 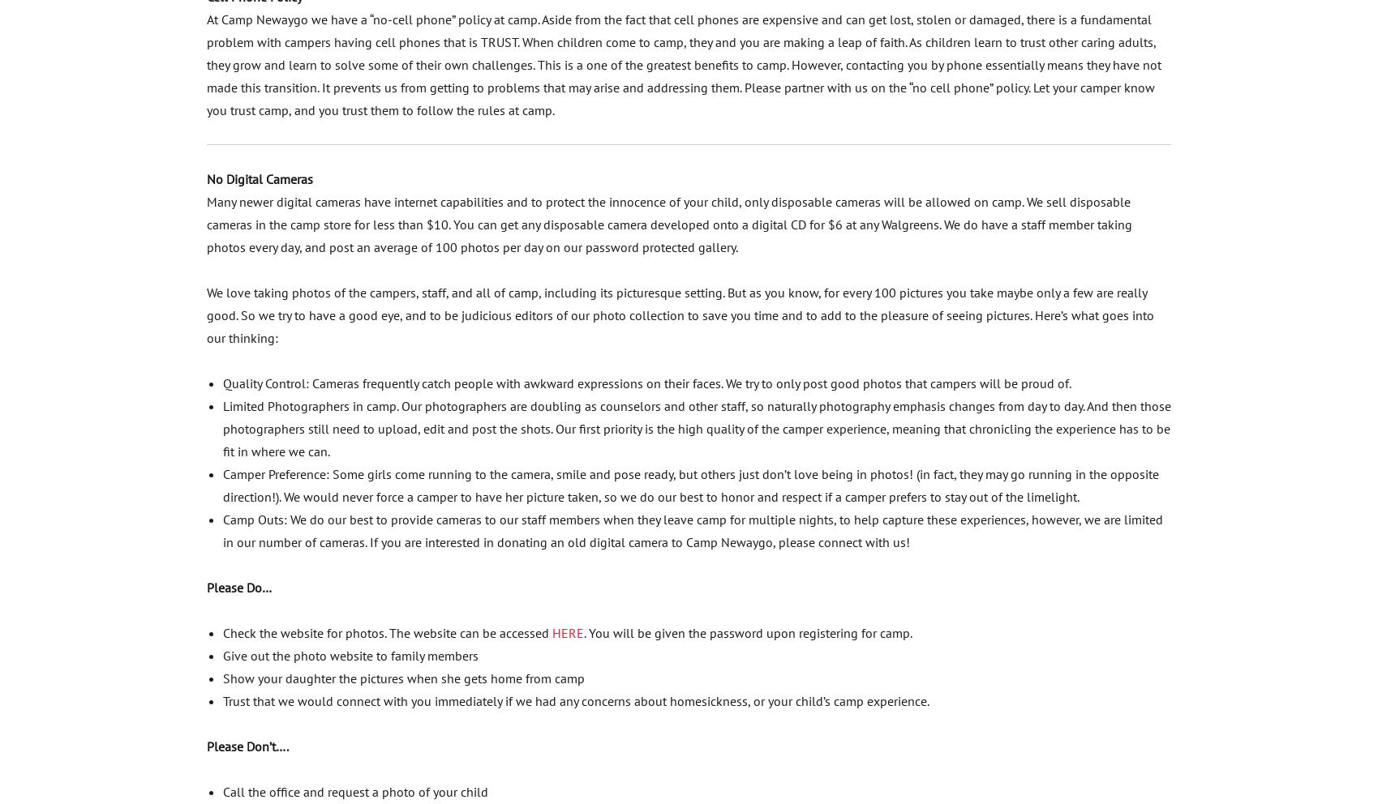 I want to click on 'At Camp Newaygo we have a “no-cell phone” policy at camp. Aside from the fact that cell phones are expensive and can get lost, stolen or damaged, there is a fundamental problem with campers having cell phones that is TRUST. When children come to camp, they and you are making a leap of faith. As children learn to trust other caring adults, they grow and learn to solve some of their own challenges. This is a one of the greatest benefits to camp. However, contacting you by phone essentially means they have not made this transition. It prevents us from getting to problems that may arise and addressing them. Please partner with us on the “no cell phone” policy. Let your camper know you trust camp, and you trust them to follow the rules at camp.', so click(x=206, y=63).